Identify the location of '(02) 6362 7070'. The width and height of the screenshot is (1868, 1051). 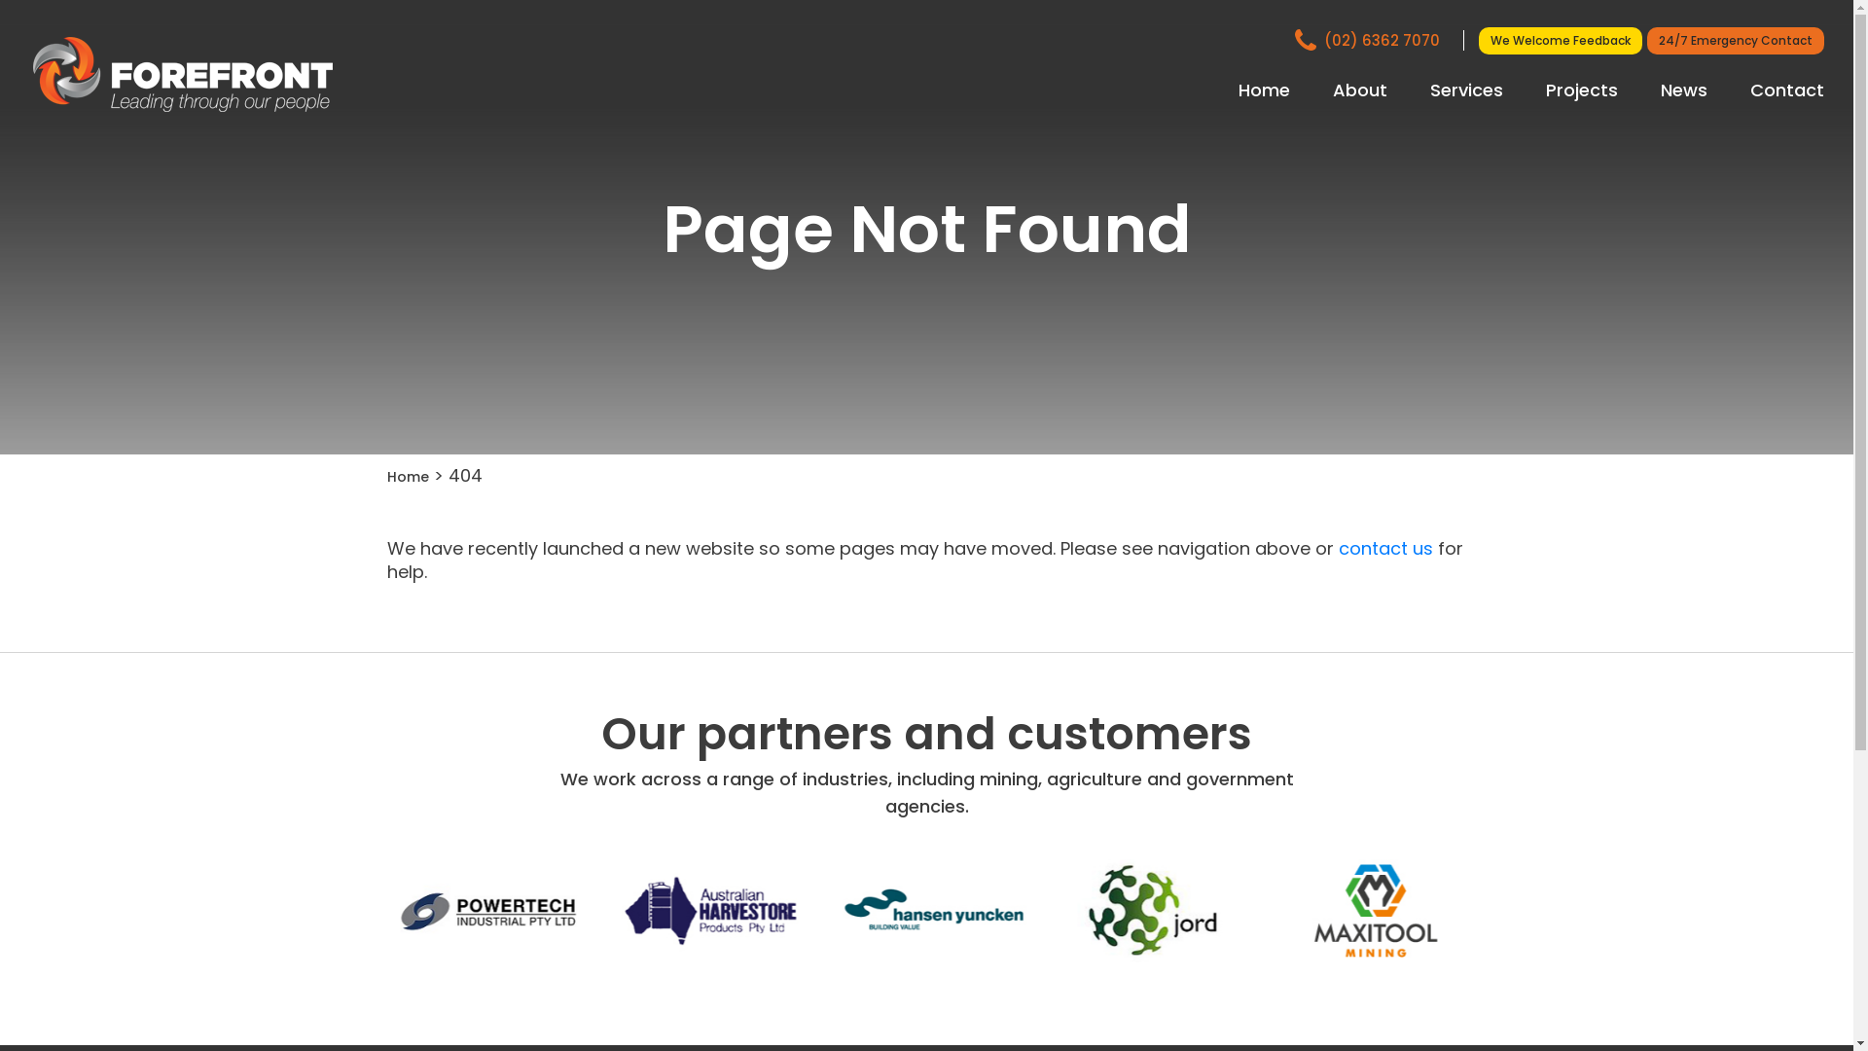
(1294, 40).